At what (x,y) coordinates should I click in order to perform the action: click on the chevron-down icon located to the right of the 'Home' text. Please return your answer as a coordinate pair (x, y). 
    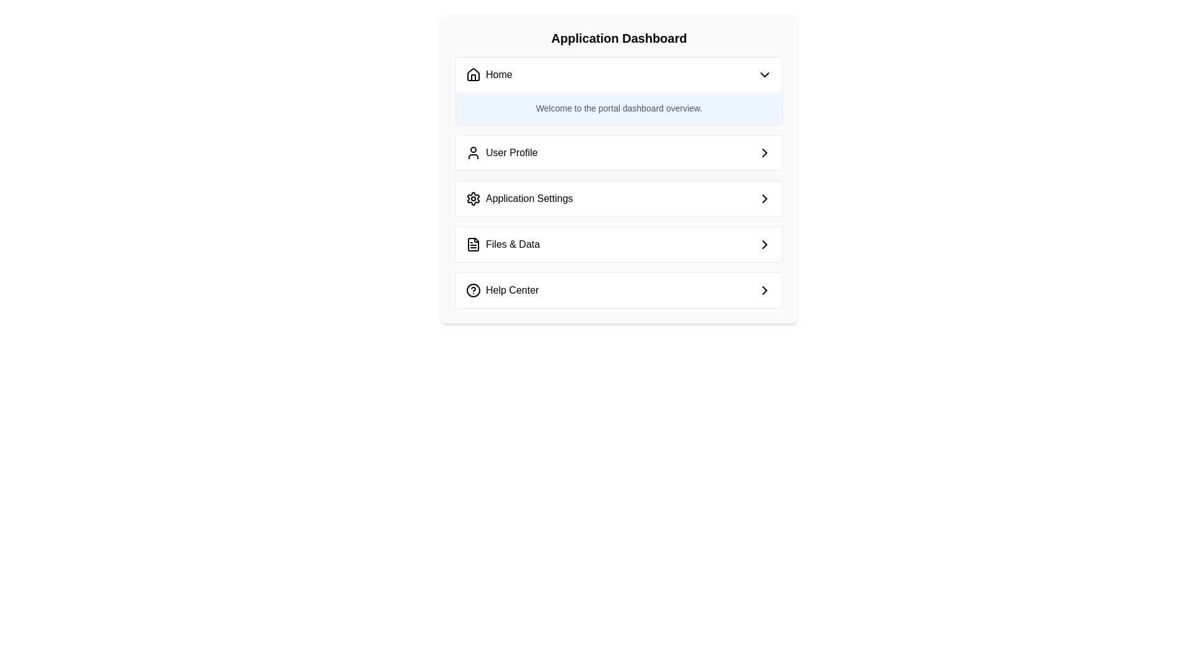
    Looking at the image, I should click on (764, 74).